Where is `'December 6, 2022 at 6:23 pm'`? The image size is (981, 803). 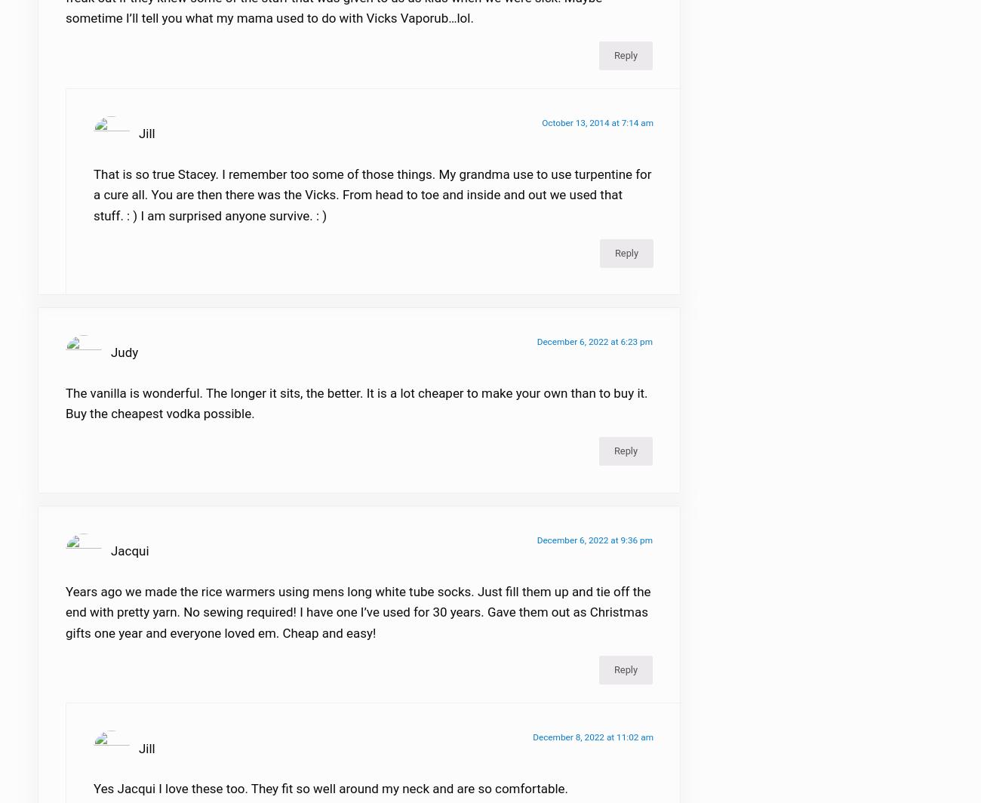
'December 6, 2022 at 6:23 pm' is located at coordinates (594, 350).